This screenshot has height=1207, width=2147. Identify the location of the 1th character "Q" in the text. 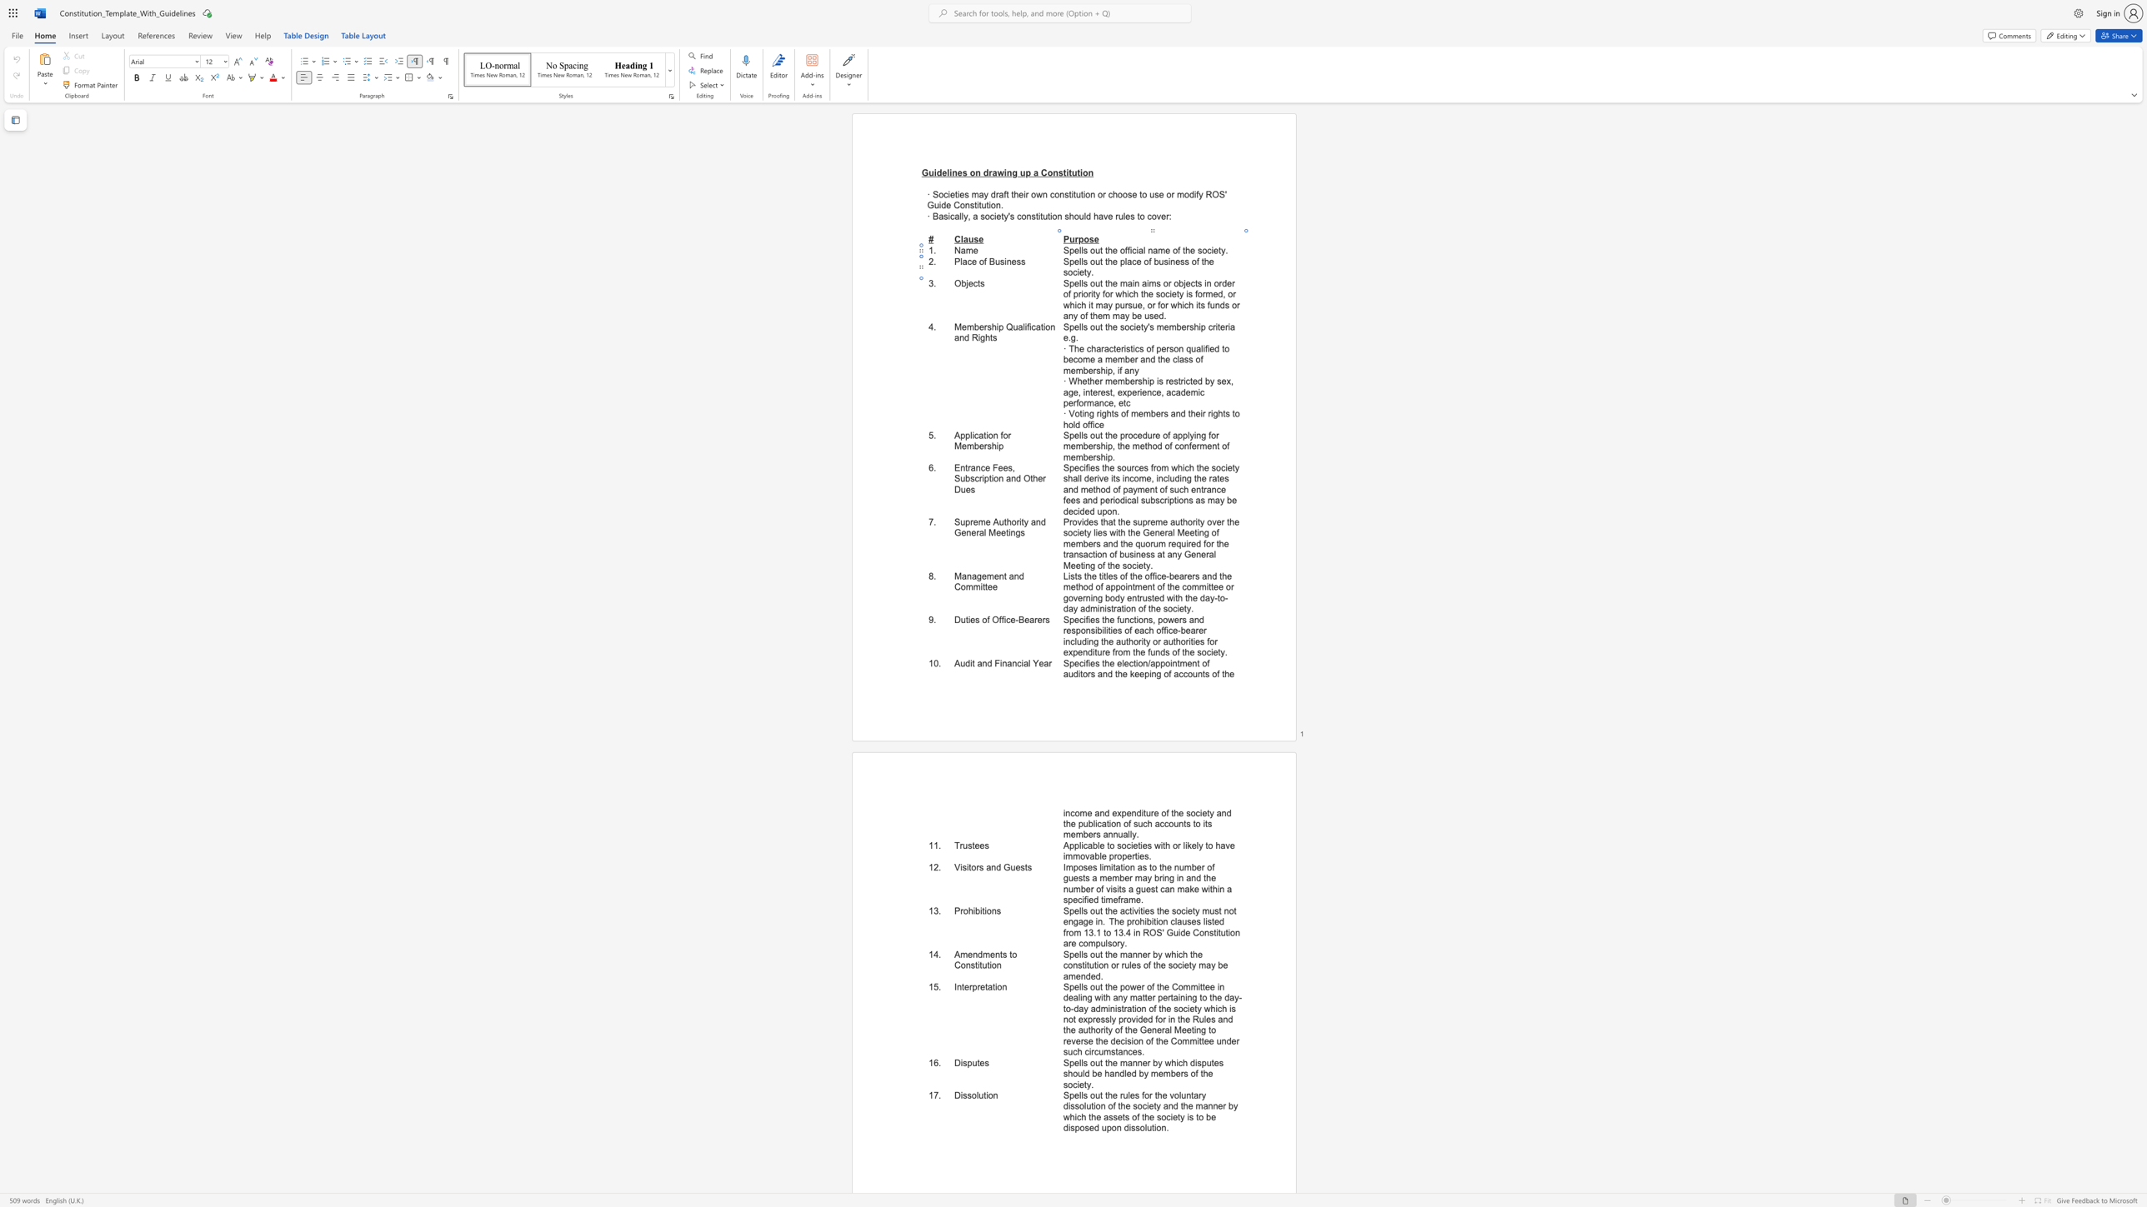
(1009, 327).